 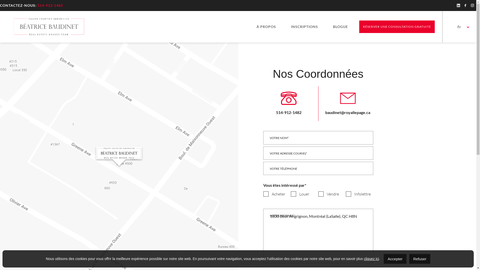 What do you see at coordinates (289, 102) in the screenshot?
I see `'514-912-1482'` at bounding box center [289, 102].